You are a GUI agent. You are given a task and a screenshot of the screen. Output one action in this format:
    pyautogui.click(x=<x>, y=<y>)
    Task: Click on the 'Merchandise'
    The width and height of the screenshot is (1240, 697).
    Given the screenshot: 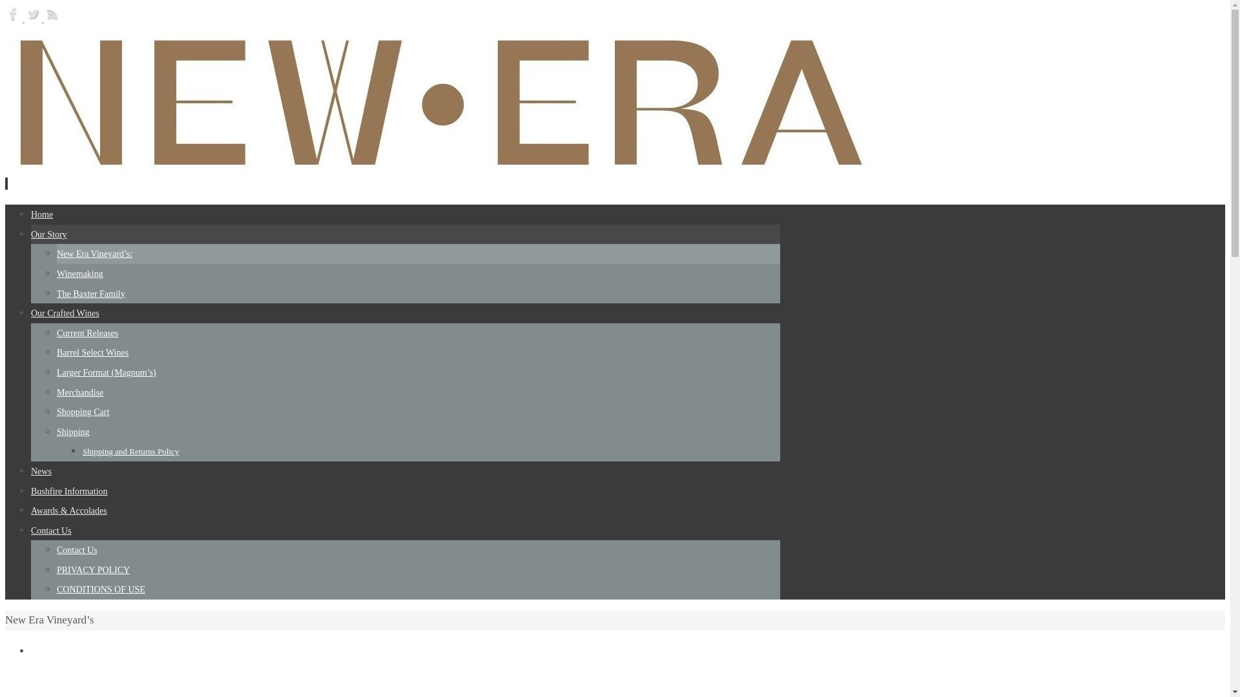 What is the action you would take?
    pyautogui.click(x=79, y=392)
    